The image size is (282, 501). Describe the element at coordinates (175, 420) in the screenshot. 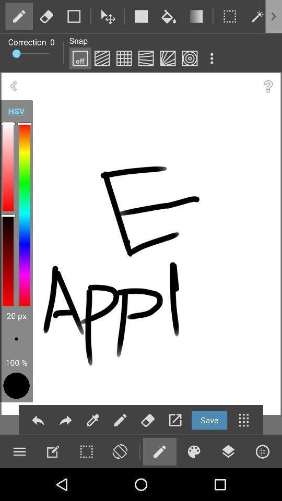

I see `expand` at that location.